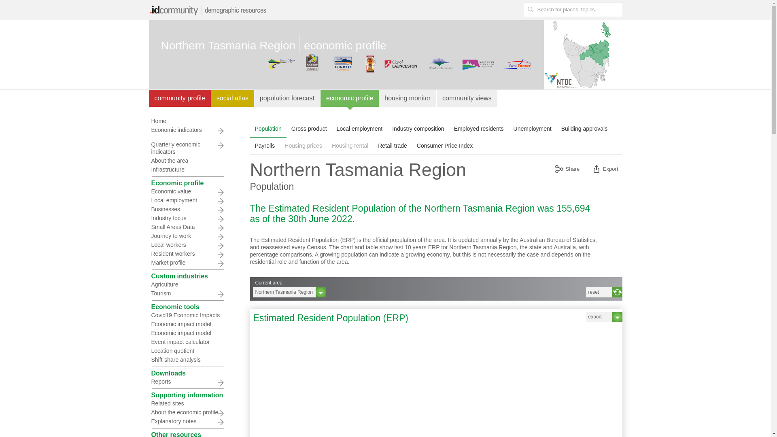 The height and width of the screenshot is (437, 777). What do you see at coordinates (187, 262) in the screenshot?
I see `'Market profile` at bounding box center [187, 262].